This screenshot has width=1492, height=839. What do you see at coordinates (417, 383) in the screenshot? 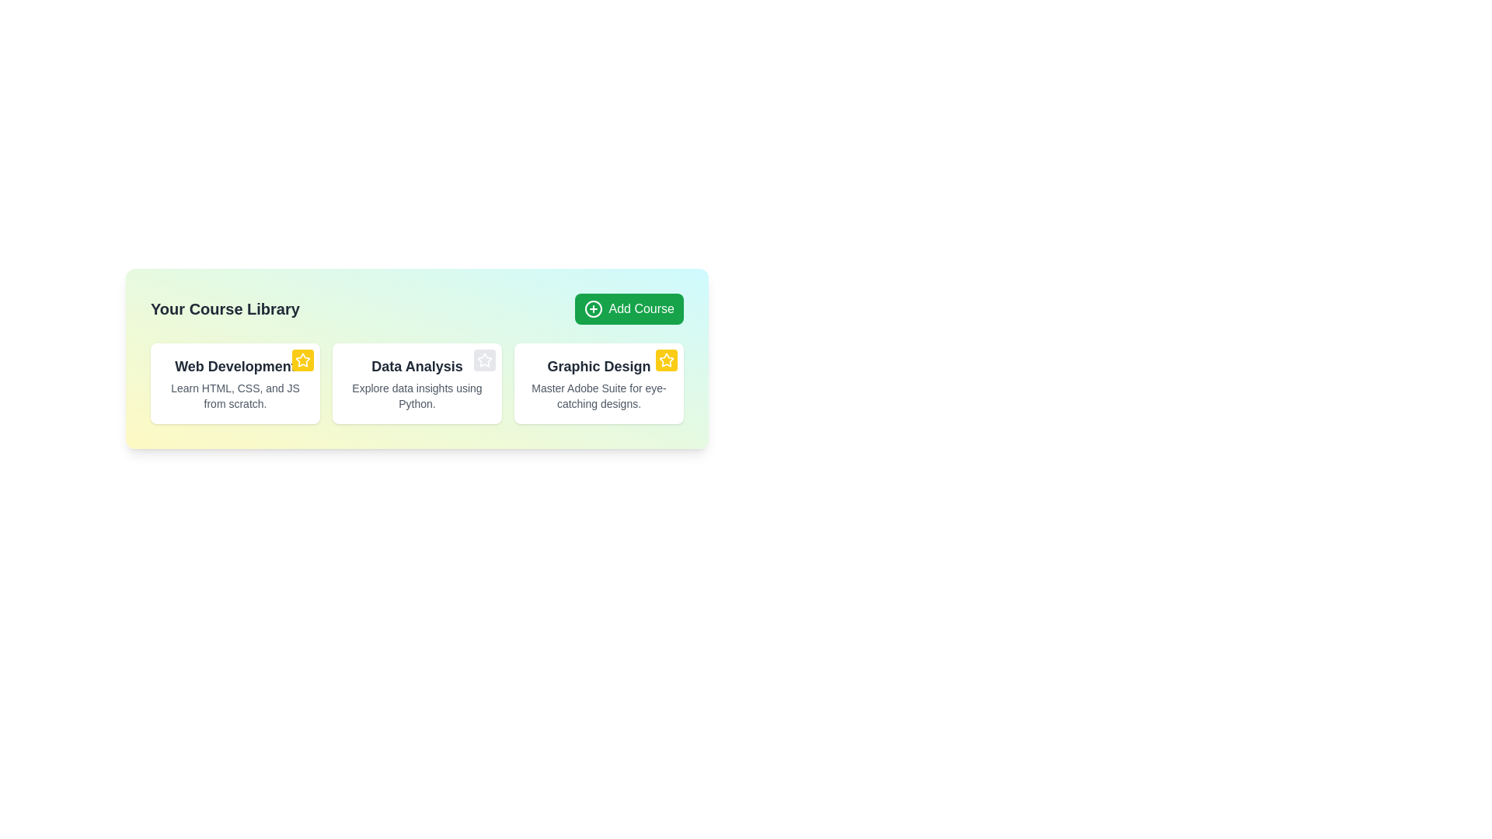
I see `the 'Data Analysis' course card, which is located in the center of a grid layout as the second item from the left` at bounding box center [417, 383].